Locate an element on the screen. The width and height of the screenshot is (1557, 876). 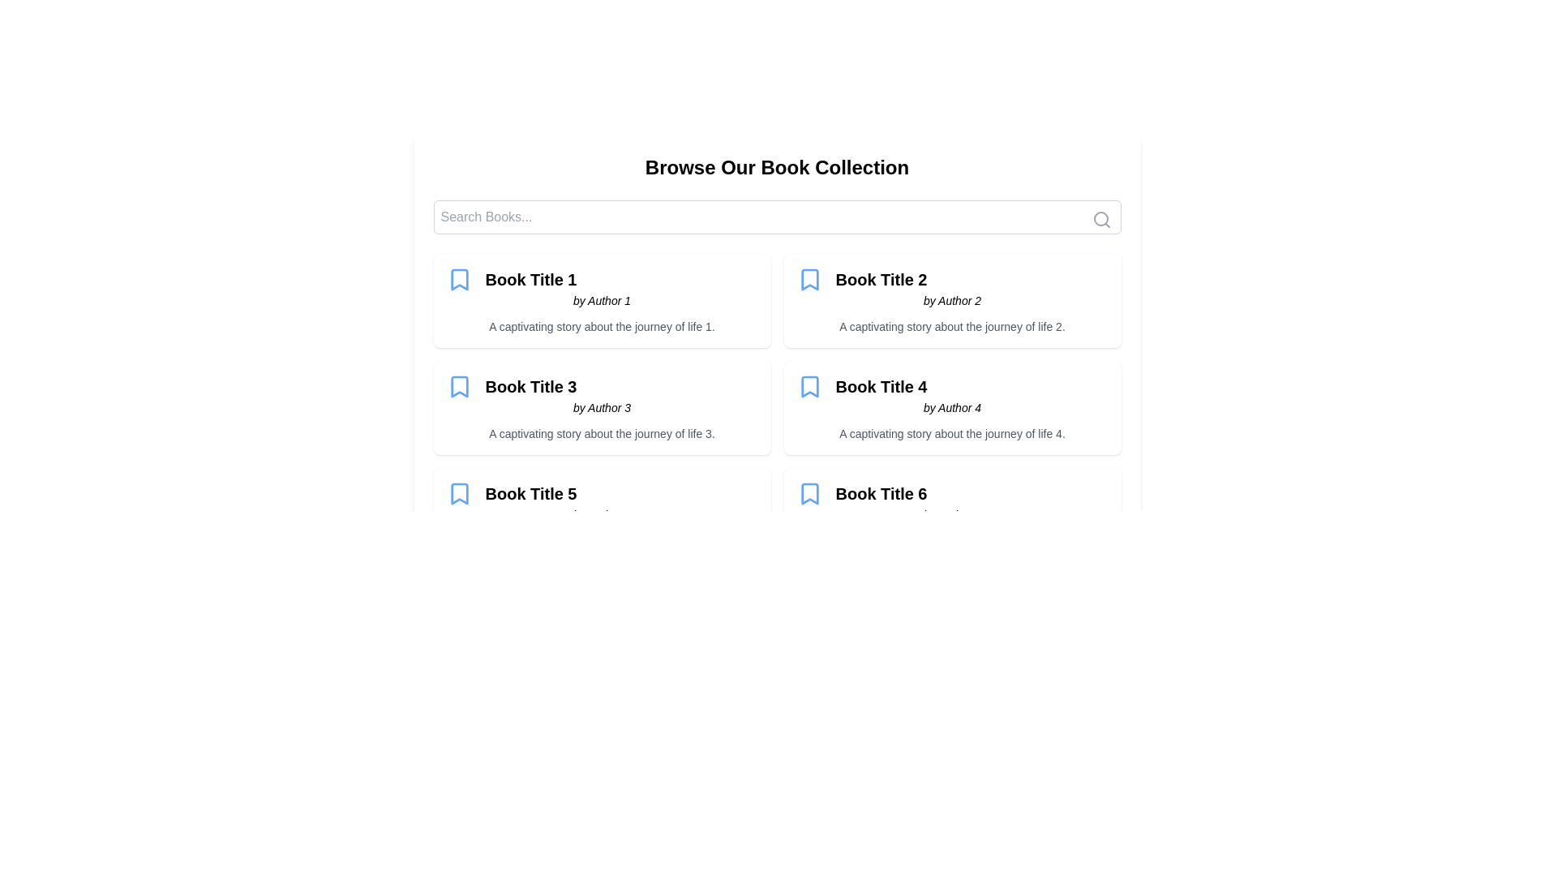
the magnifying glass icon styled as an SVG graphic located at the right edge of the search bar is located at coordinates (1101, 219).